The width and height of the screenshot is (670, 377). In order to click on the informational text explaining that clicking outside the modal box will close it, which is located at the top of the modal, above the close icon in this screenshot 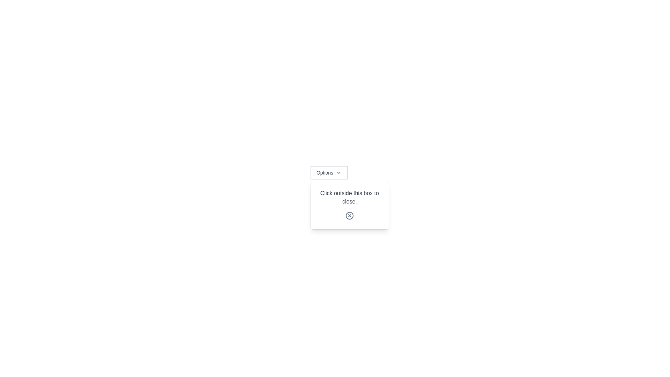, I will do `click(349, 198)`.